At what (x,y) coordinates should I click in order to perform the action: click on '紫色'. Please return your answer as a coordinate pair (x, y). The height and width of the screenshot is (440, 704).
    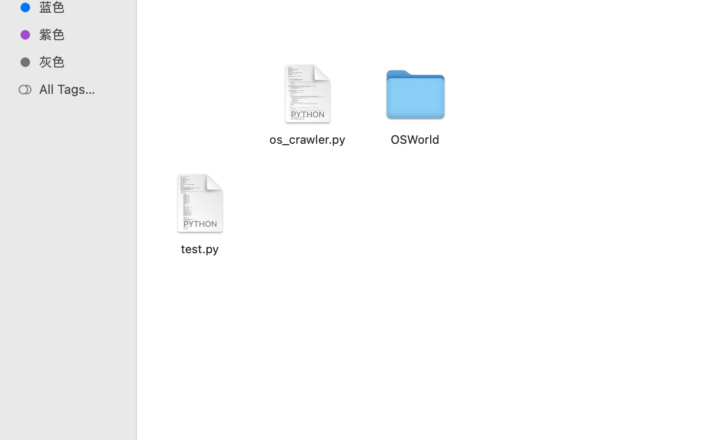
    Looking at the image, I should click on (78, 34).